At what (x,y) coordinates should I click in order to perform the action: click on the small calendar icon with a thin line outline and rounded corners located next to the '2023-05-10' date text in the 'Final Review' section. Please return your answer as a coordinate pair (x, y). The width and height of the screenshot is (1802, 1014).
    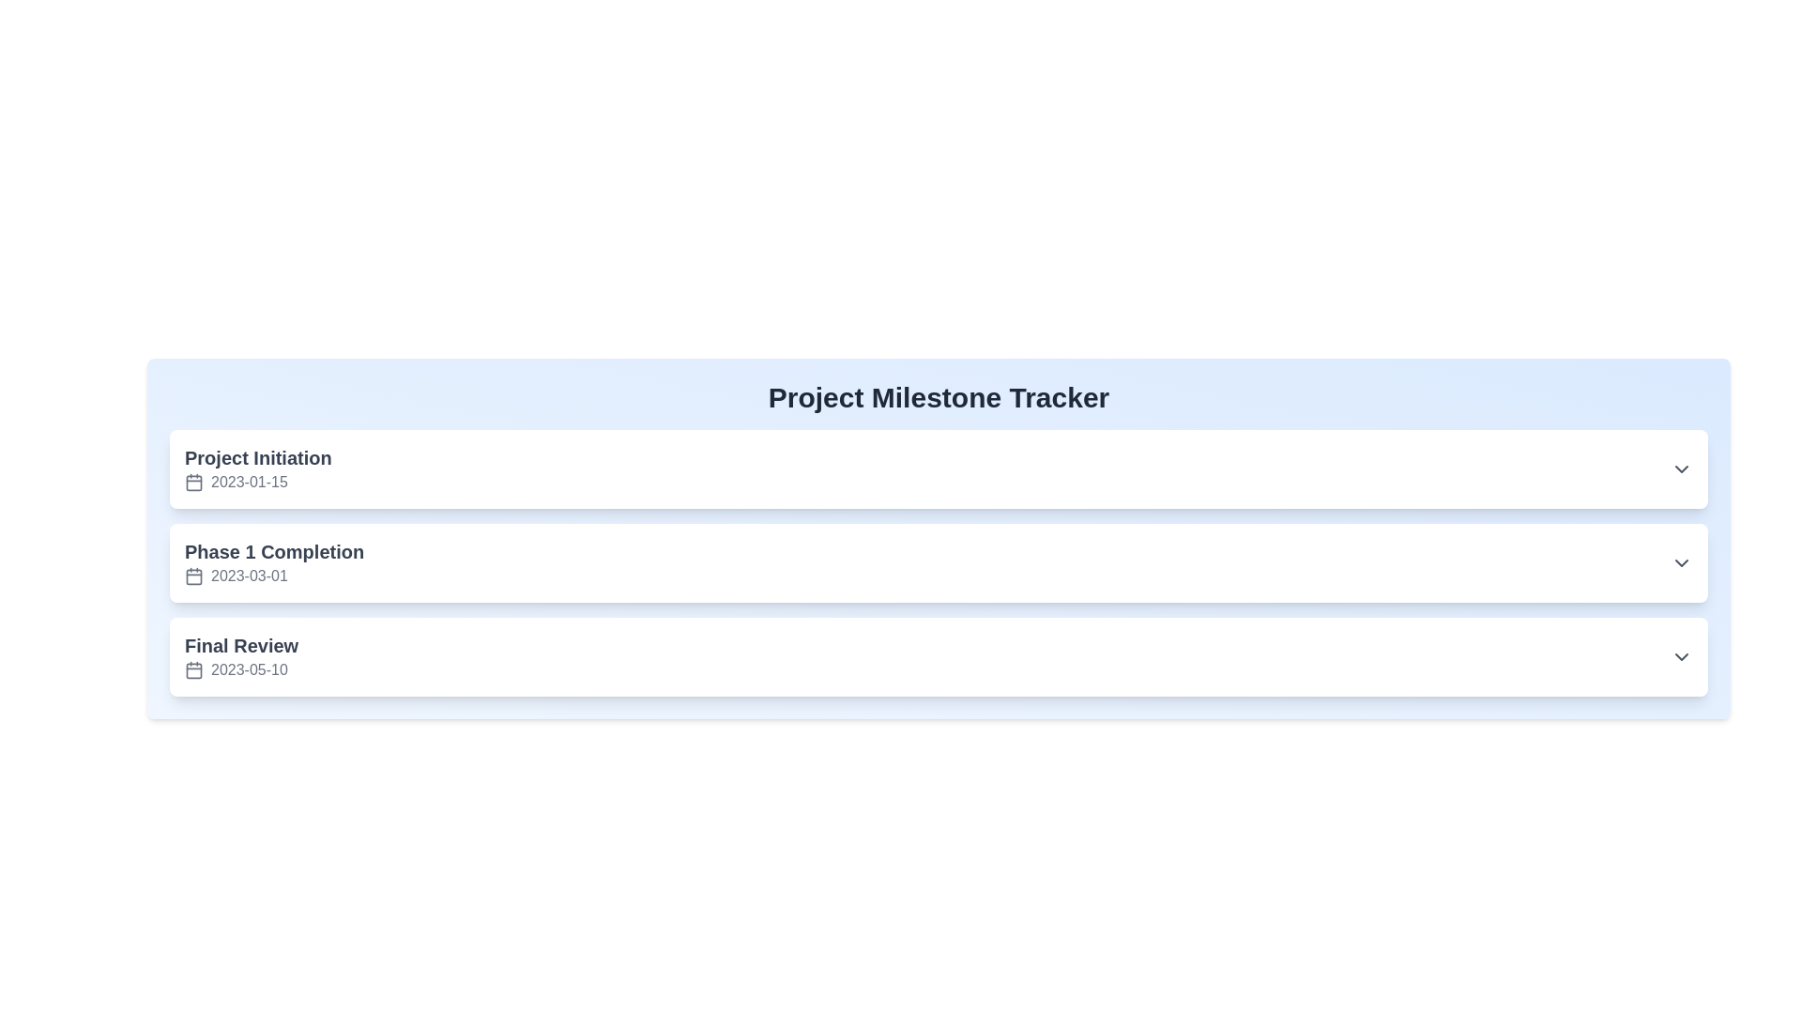
    Looking at the image, I should click on (193, 668).